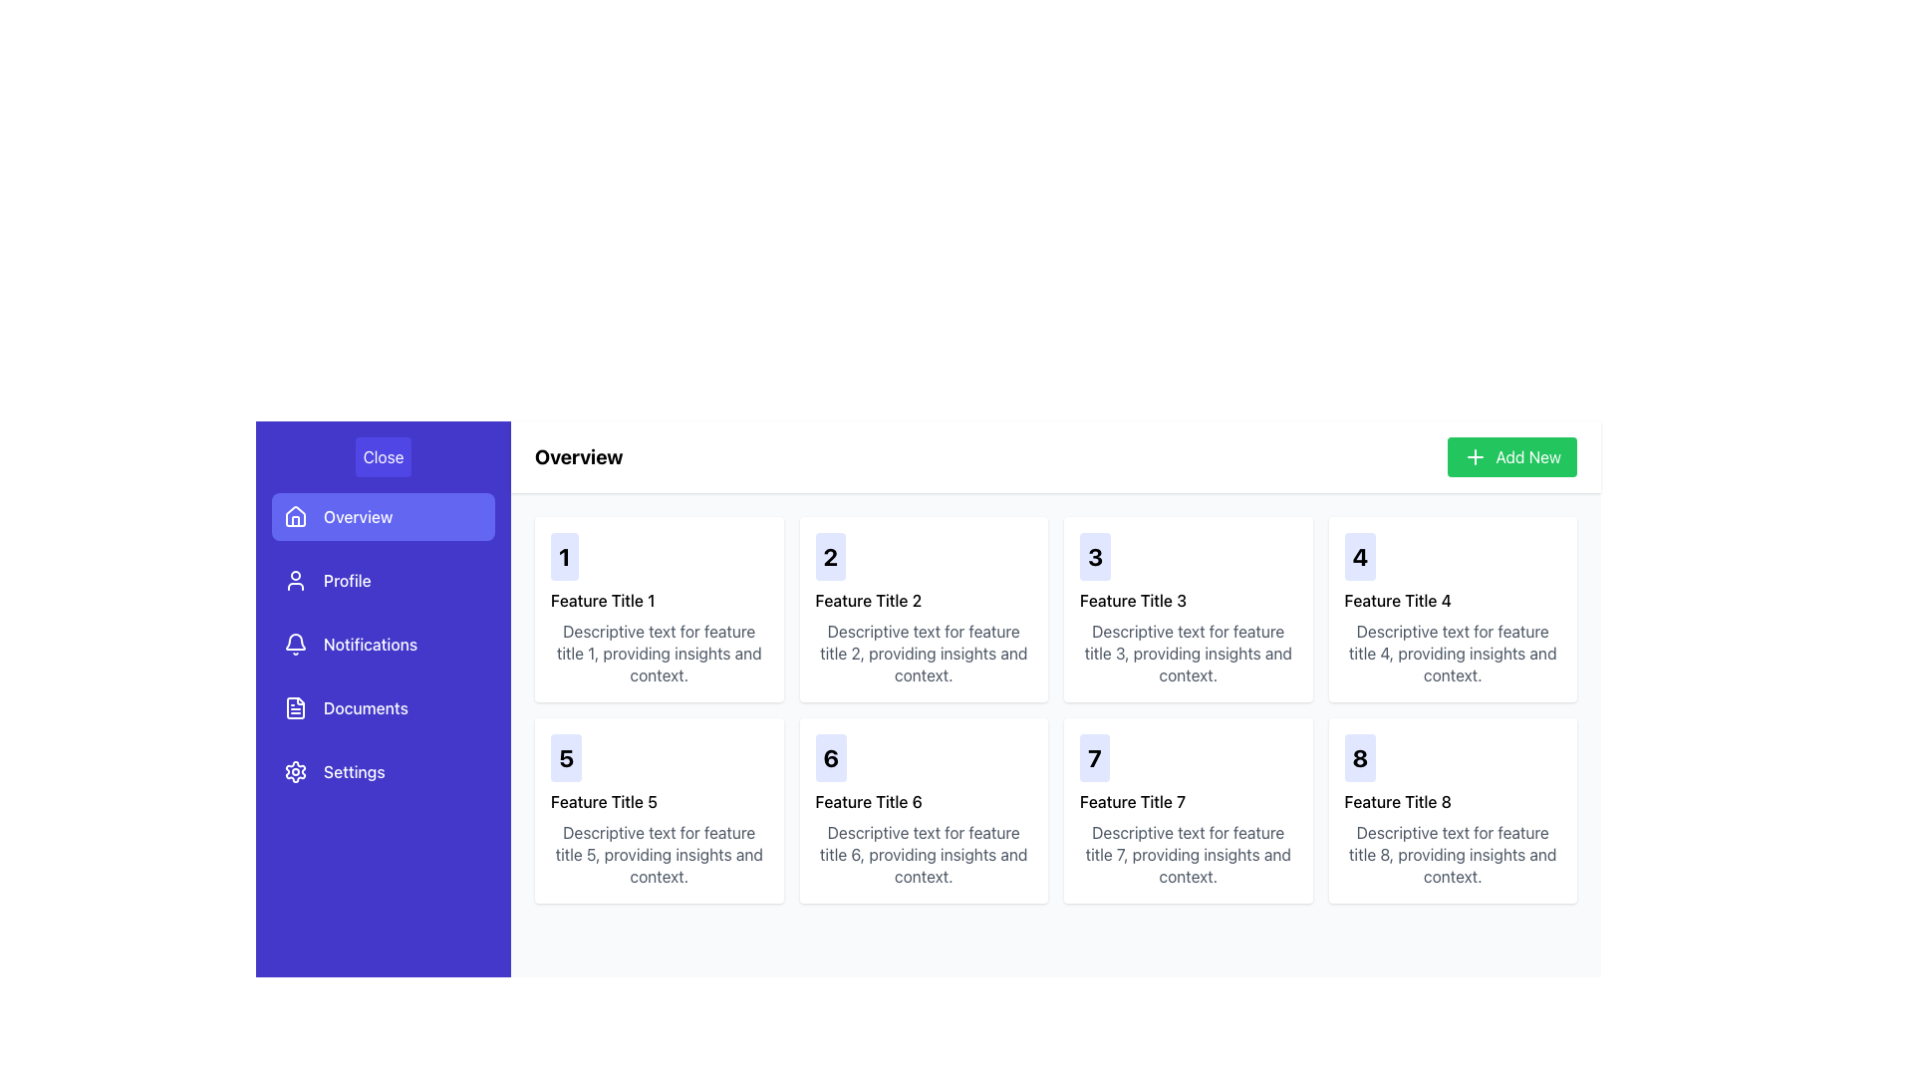  I want to click on the 'Settings' text label in the sidebar, so click(354, 771).